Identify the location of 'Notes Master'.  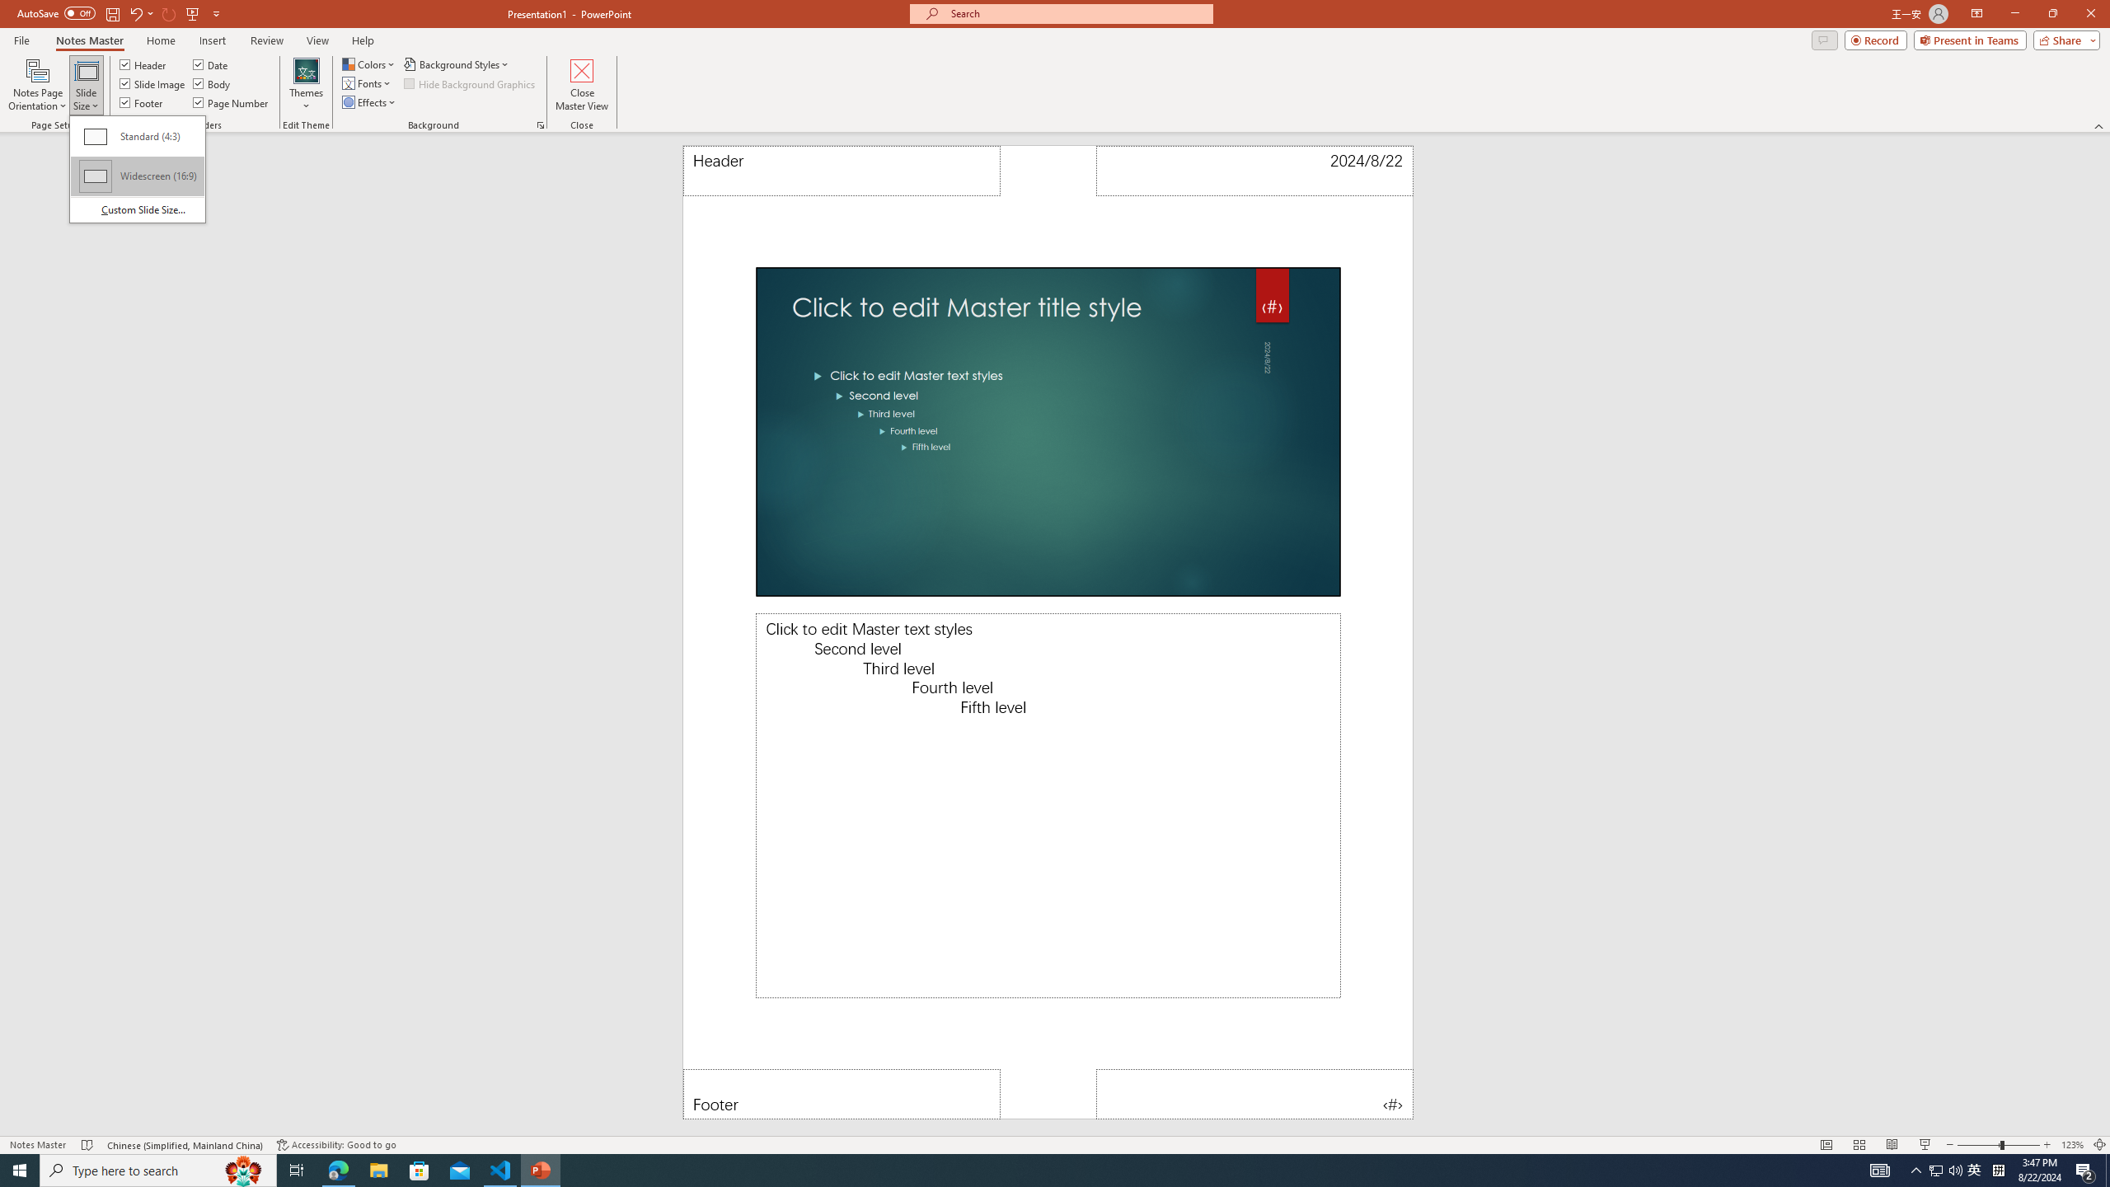
(88, 40).